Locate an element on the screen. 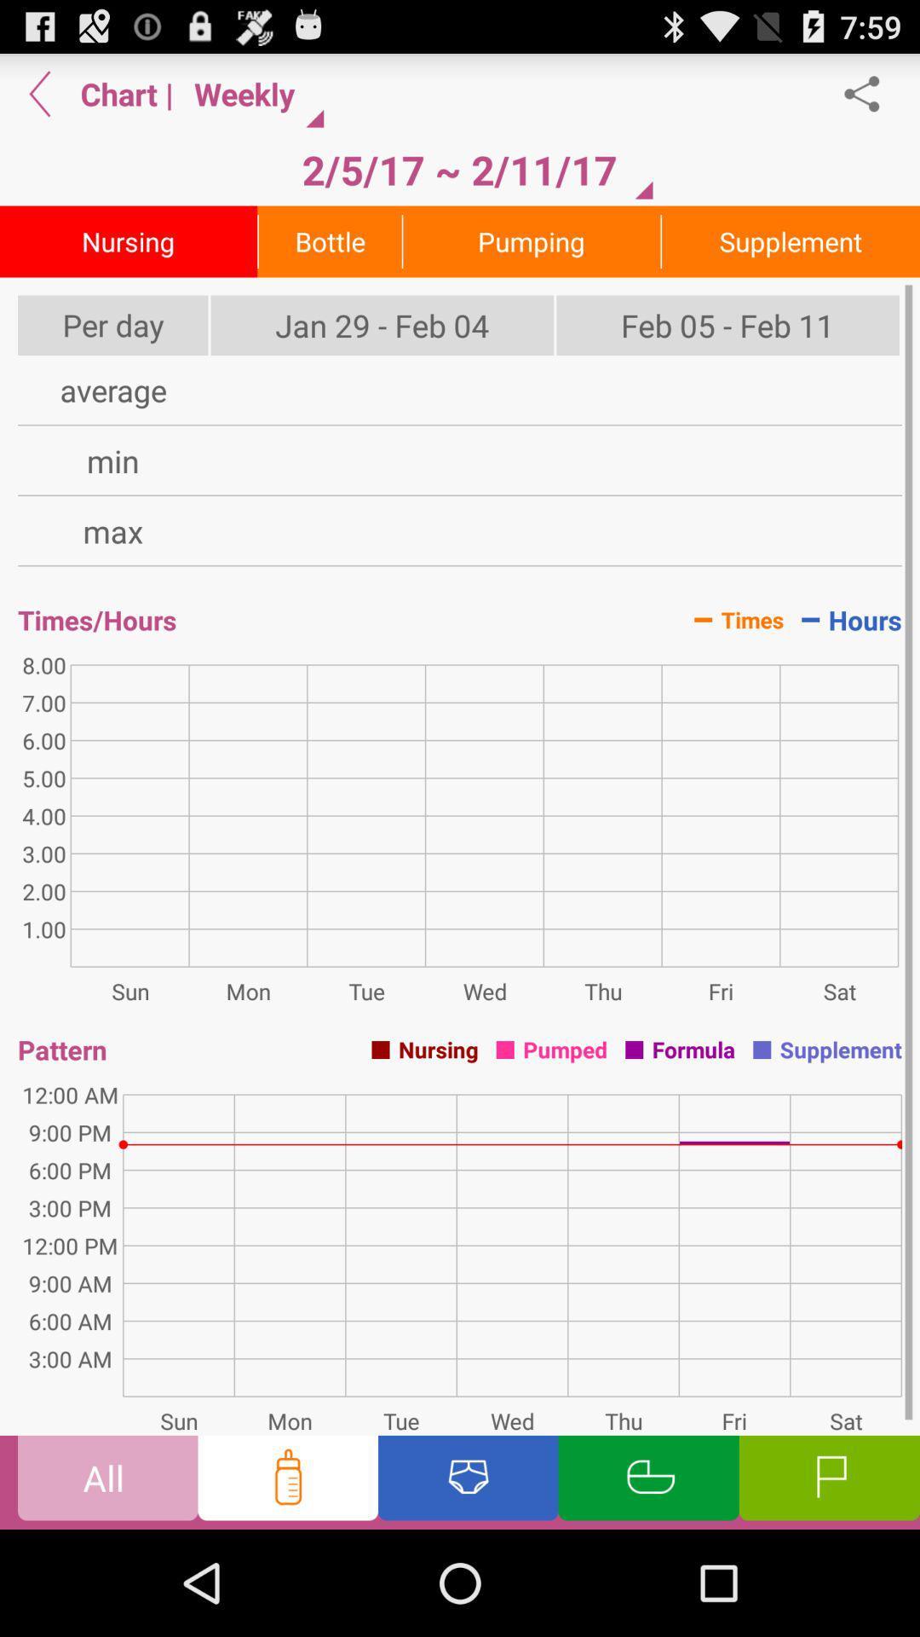 This screenshot has height=1637, width=920. the arrow_backward icon is located at coordinates (39, 100).